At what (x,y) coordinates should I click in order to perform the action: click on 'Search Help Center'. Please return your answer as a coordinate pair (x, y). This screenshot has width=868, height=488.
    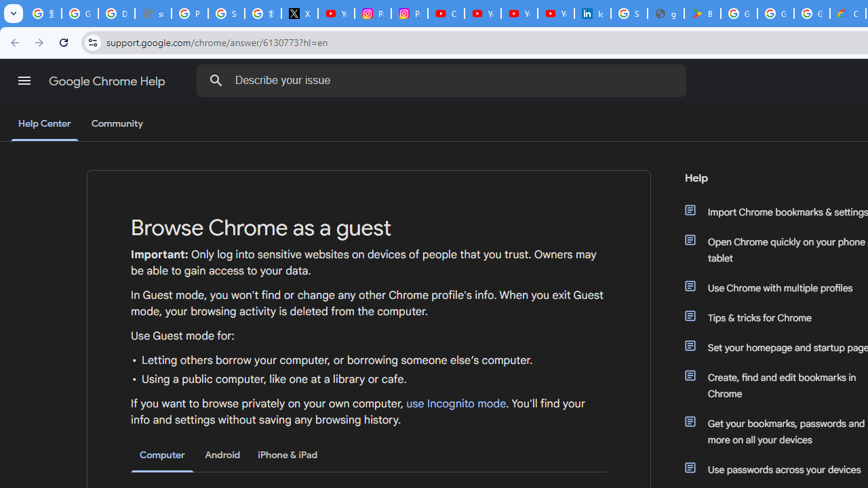
    Looking at the image, I should click on (215, 80).